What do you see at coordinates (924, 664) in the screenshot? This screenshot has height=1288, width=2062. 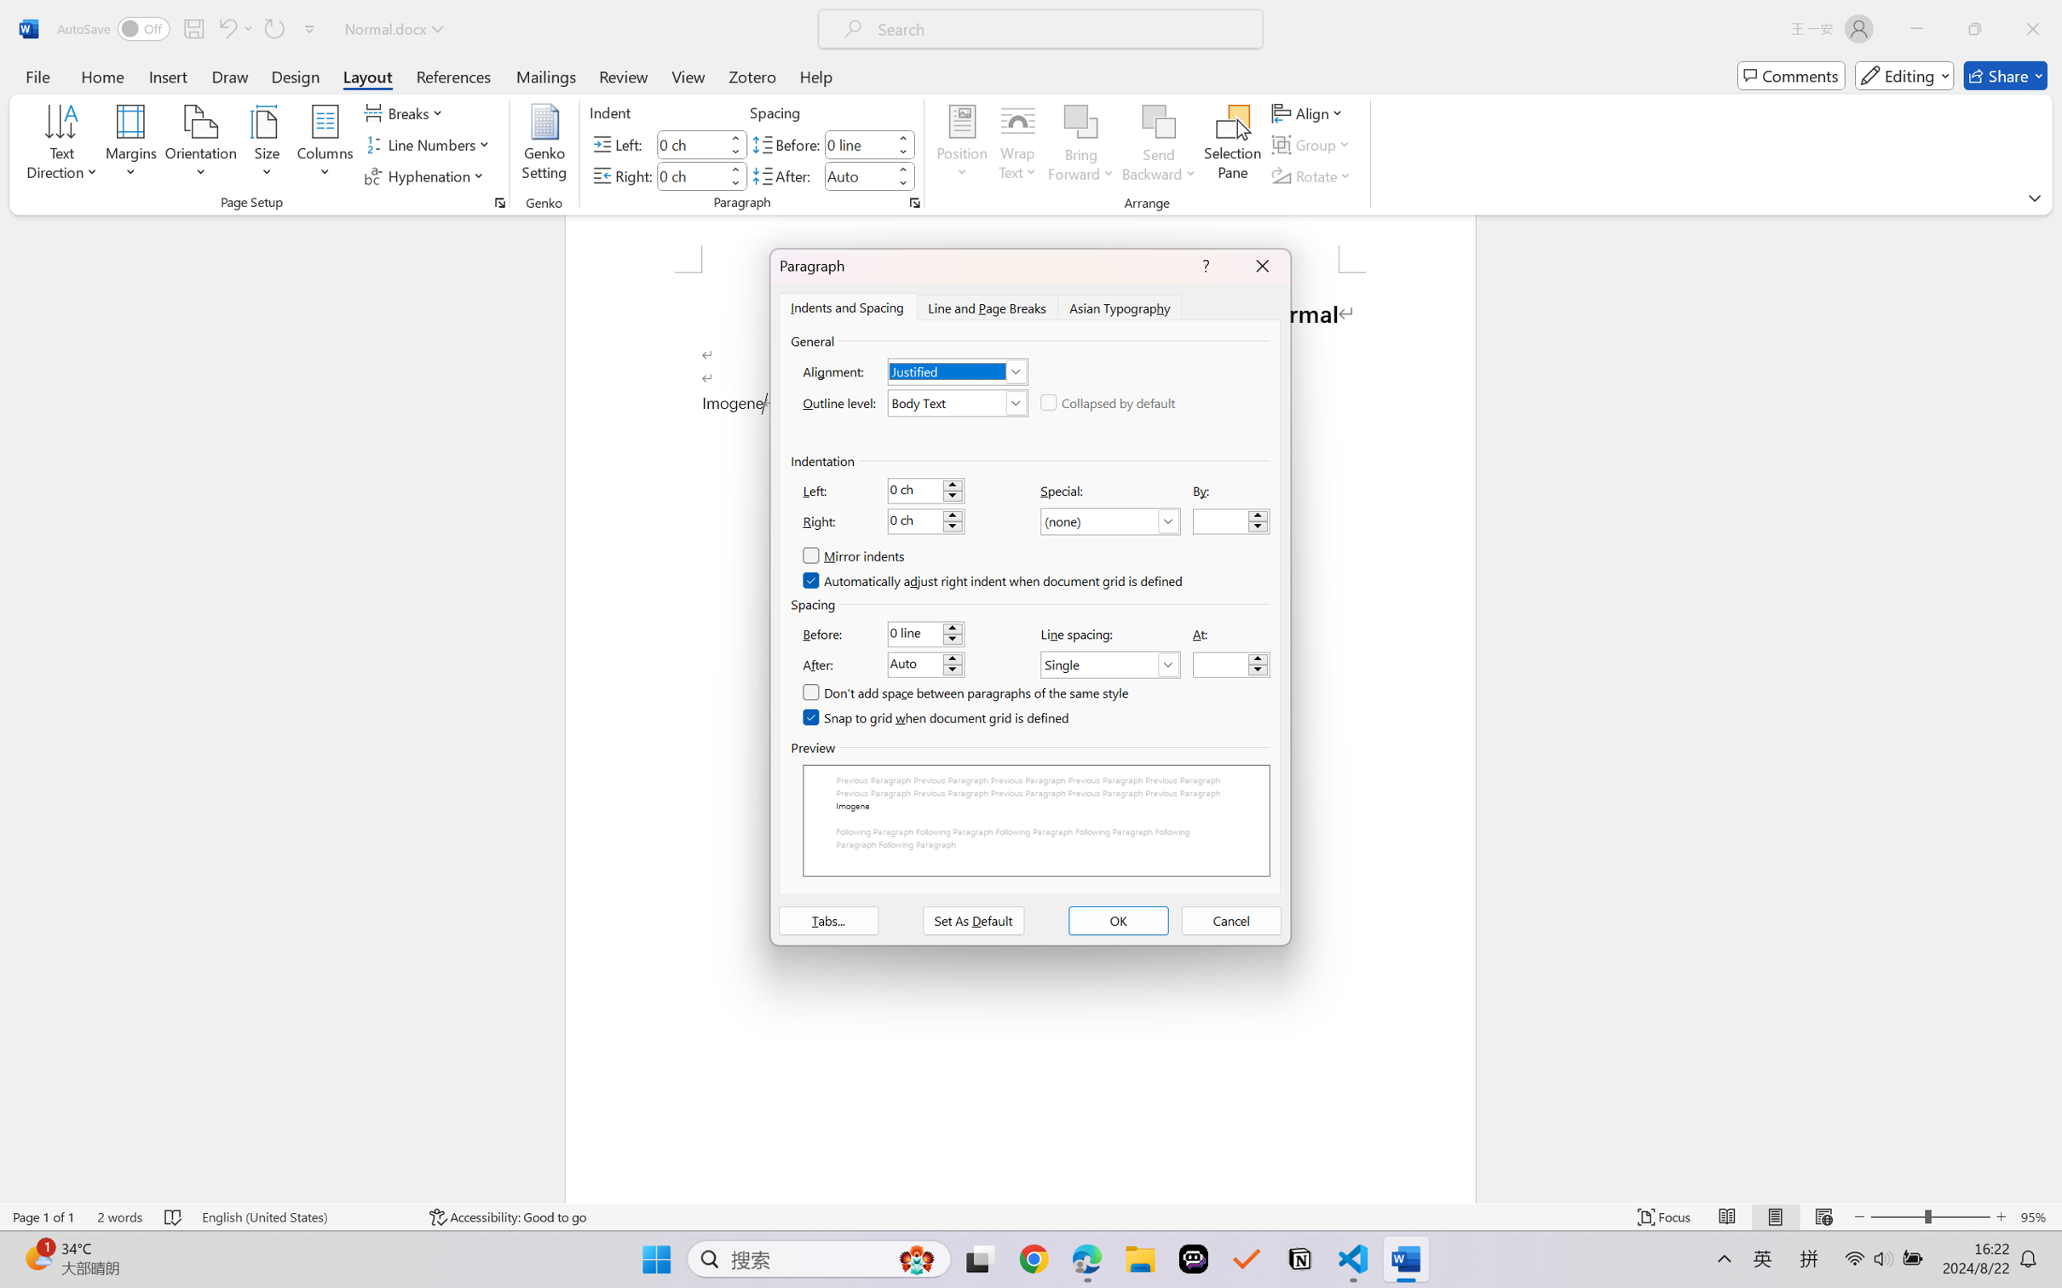 I see `'After:'` at bounding box center [924, 664].